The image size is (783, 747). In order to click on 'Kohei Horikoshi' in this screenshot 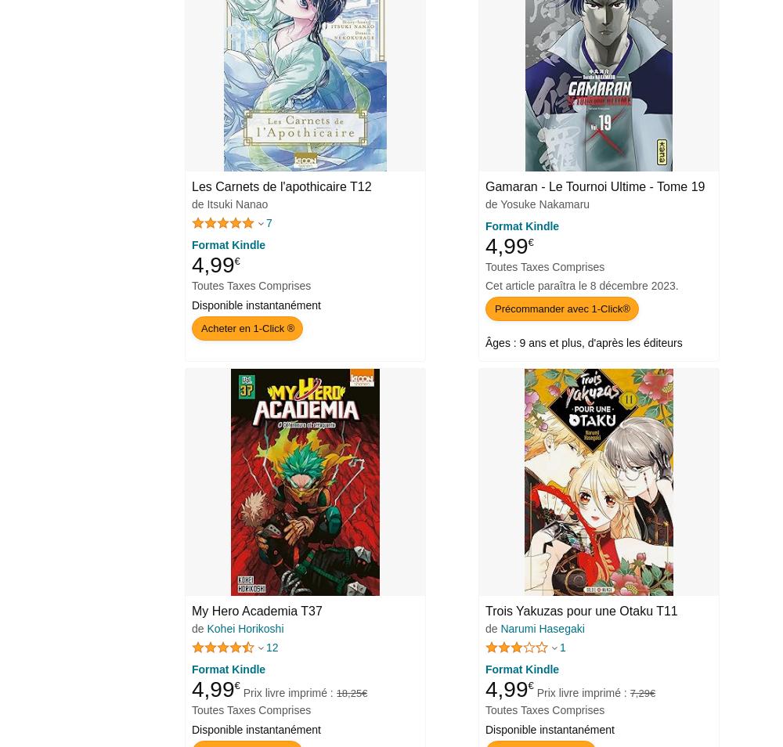, I will do `click(244, 628)`.